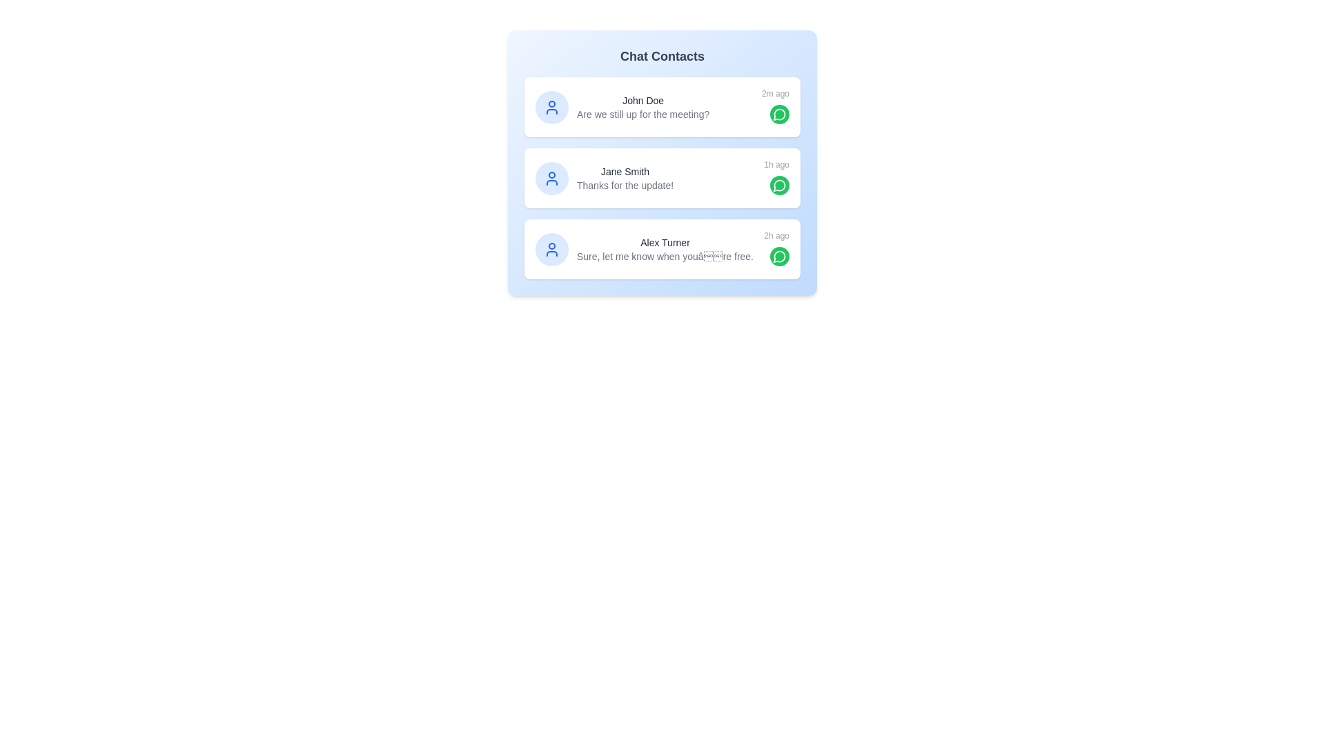 Image resolution: width=1325 pixels, height=745 pixels. I want to click on the name or avatar of Jane Smith to view their details, so click(552, 177).